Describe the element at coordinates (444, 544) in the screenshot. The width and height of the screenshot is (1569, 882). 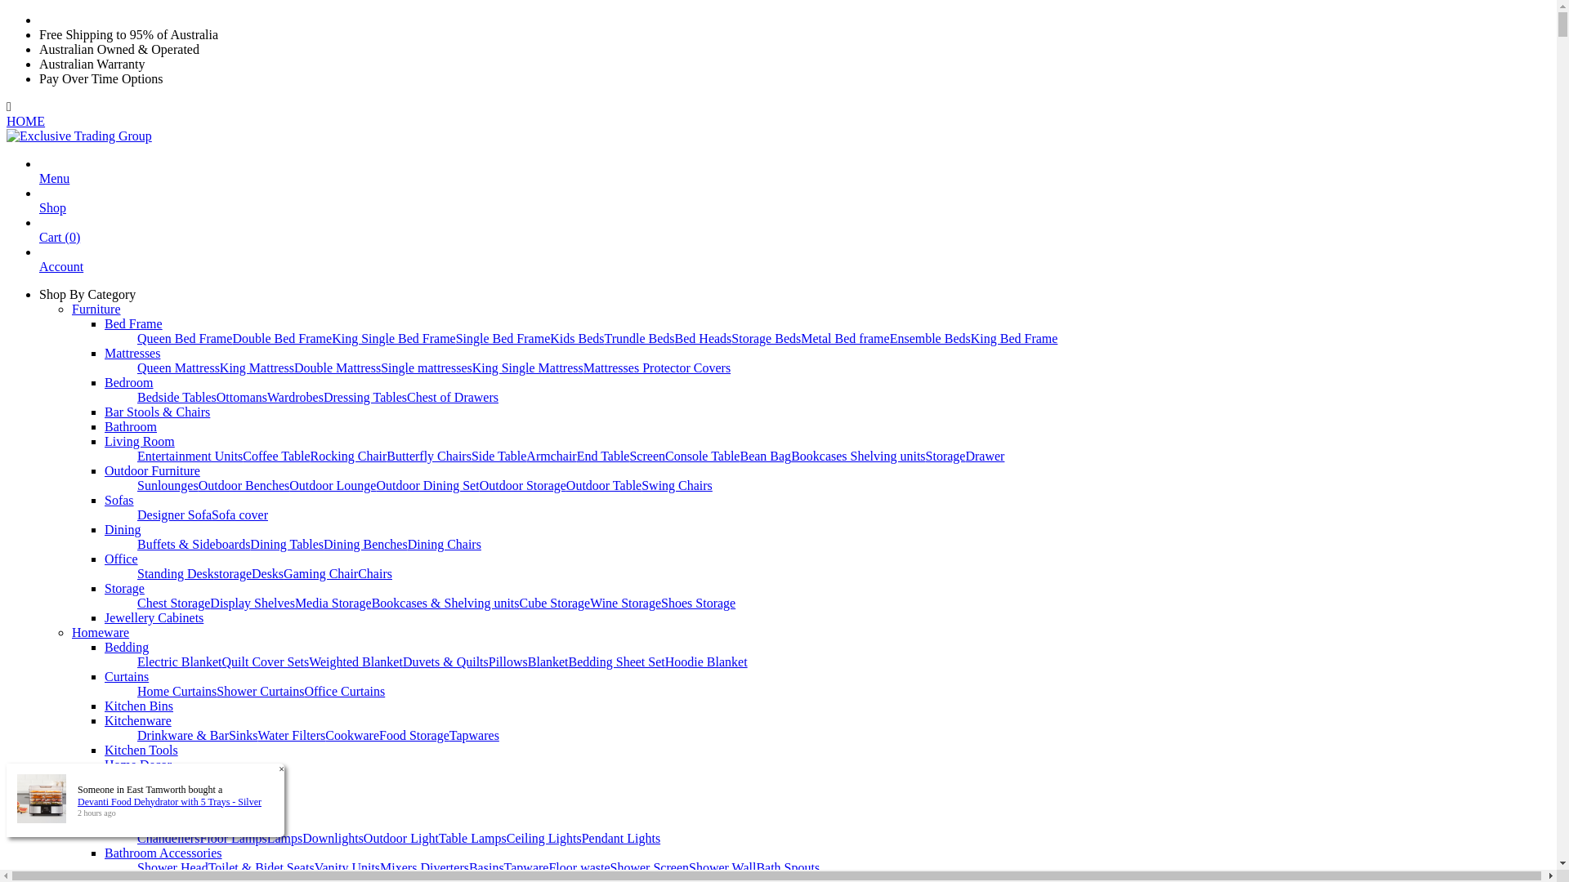
I see `'Dining Chairs'` at that location.